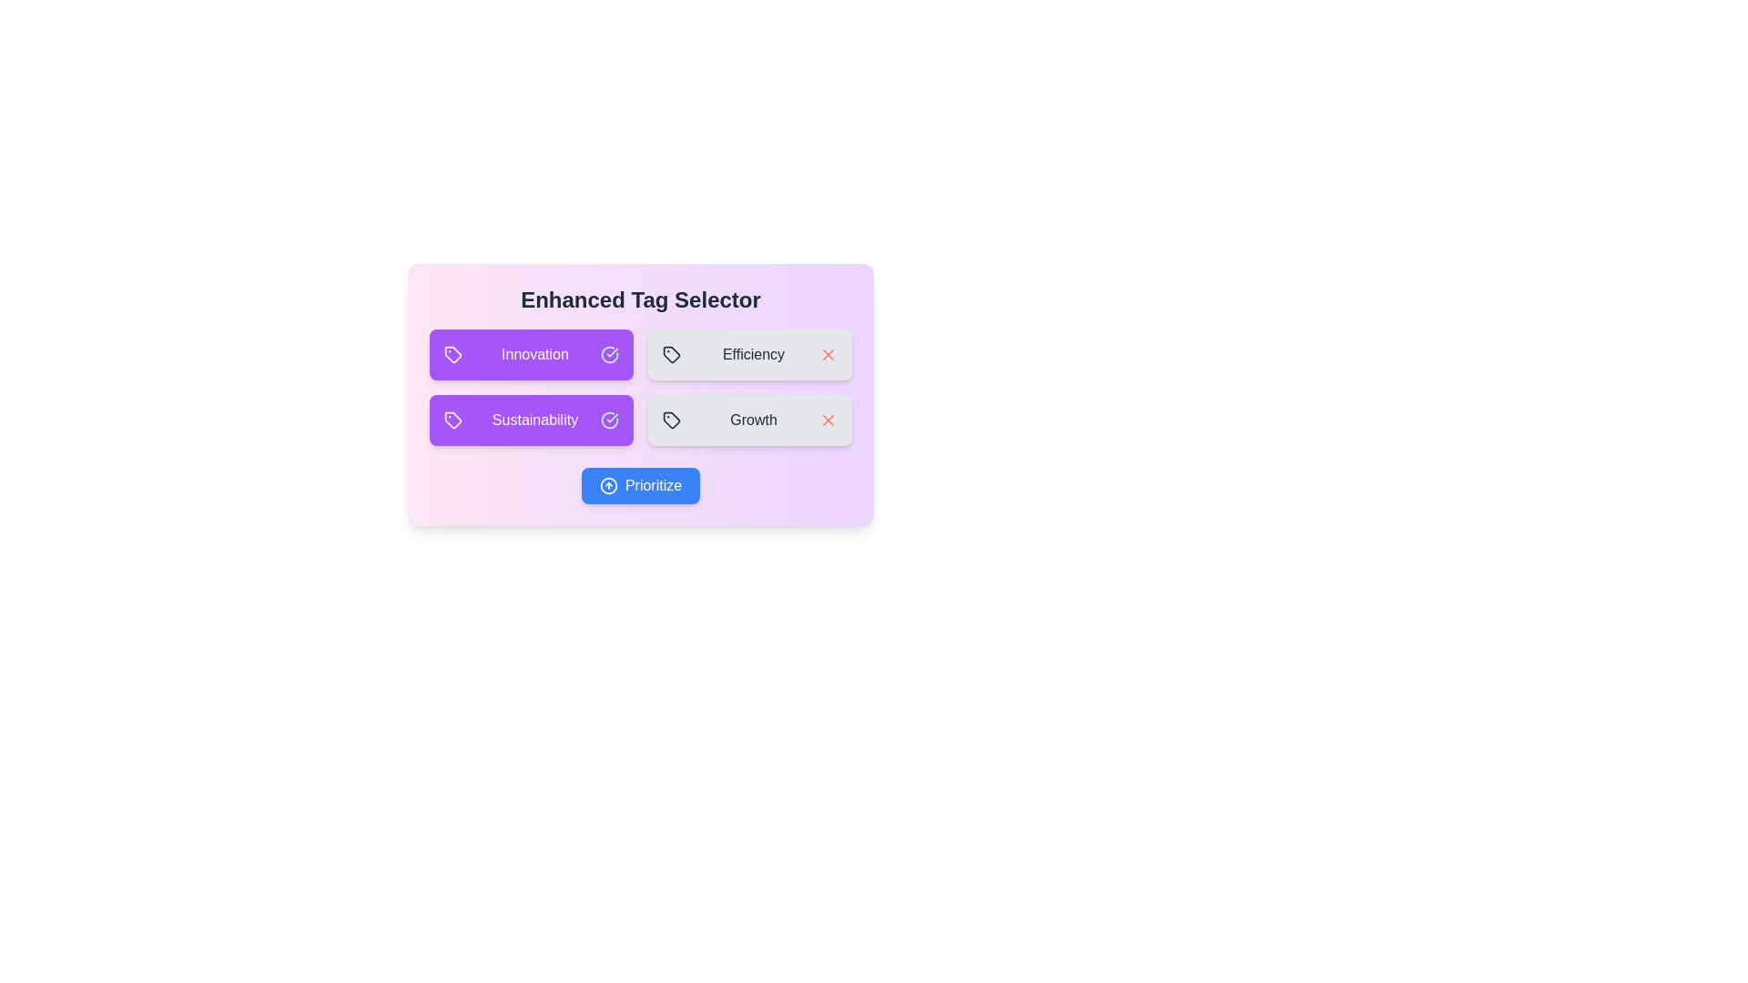 This screenshot has height=983, width=1748. What do you see at coordinates (750, 354) in the screenshot?
I see `the Efficiency to observe its hover effect` at bounding box center [750, 354].